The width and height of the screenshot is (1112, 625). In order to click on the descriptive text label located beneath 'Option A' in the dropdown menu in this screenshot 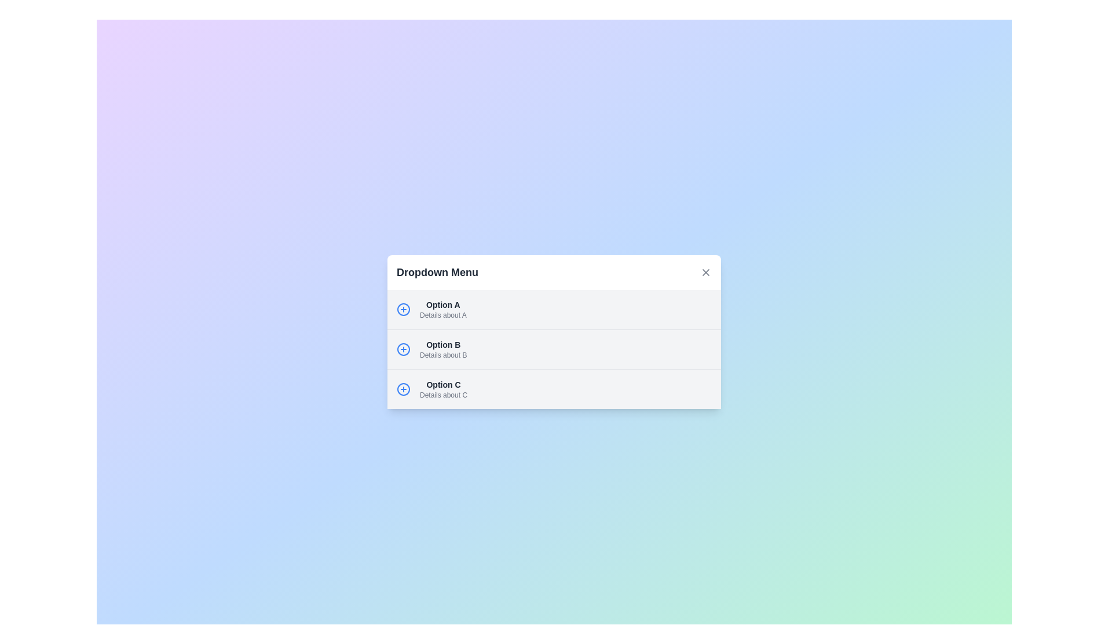, I will do `click(442, 315)`.